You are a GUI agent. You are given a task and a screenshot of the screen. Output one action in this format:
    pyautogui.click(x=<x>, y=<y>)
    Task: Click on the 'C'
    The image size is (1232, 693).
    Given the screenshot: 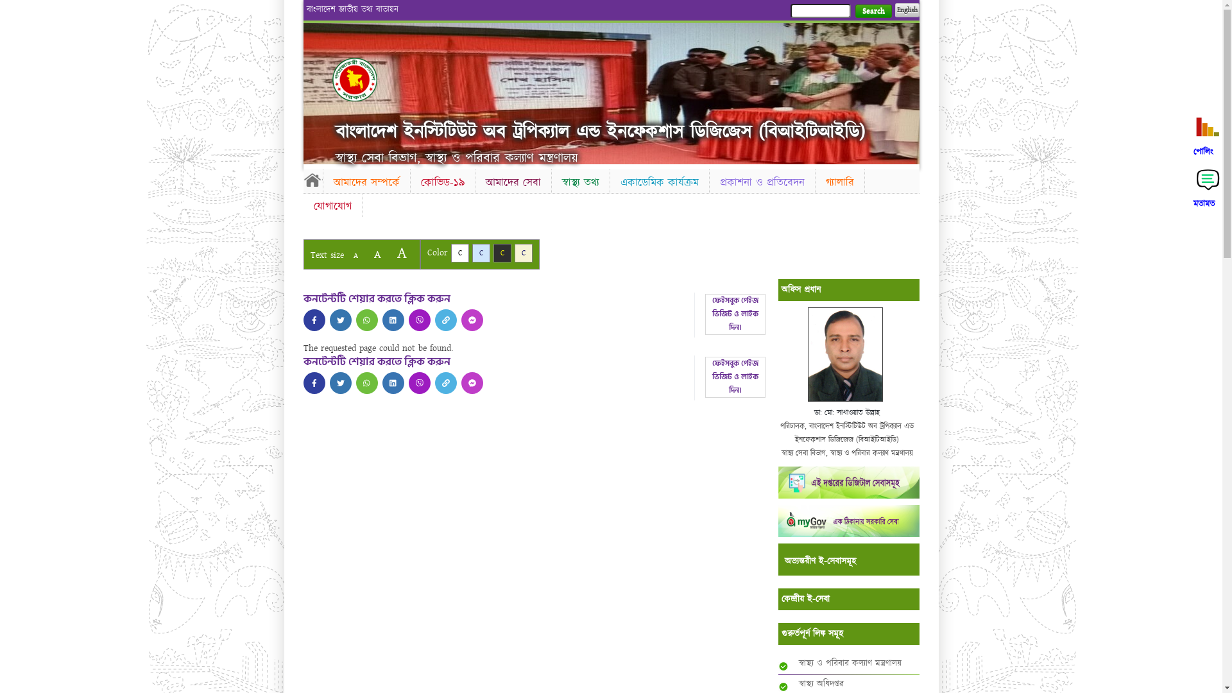 What is the action you would take?
    pyautogui.click(x=492, y=253)
    